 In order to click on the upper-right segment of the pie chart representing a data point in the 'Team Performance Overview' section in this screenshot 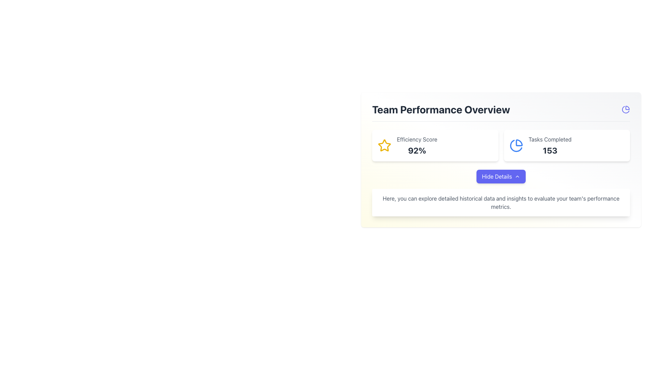, I will do `click(519, 142)`.